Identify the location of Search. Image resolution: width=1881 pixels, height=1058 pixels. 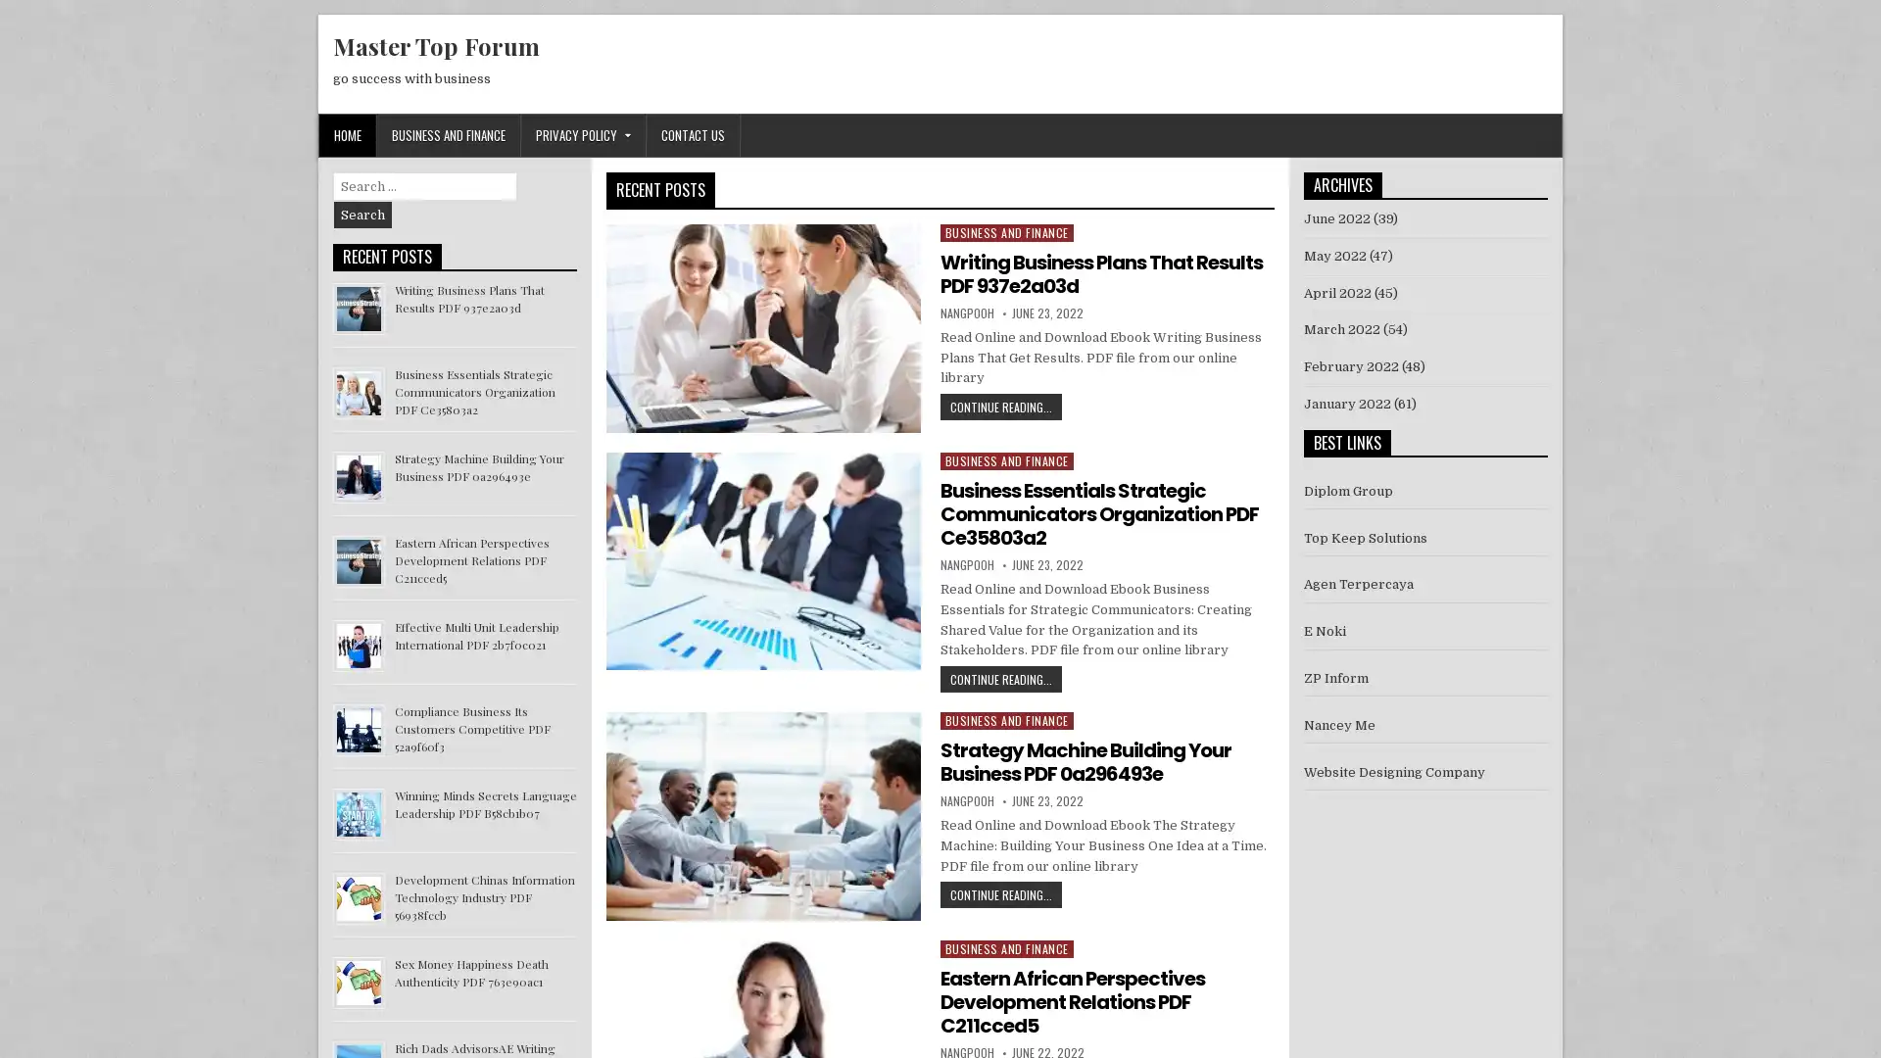
(362, 215).